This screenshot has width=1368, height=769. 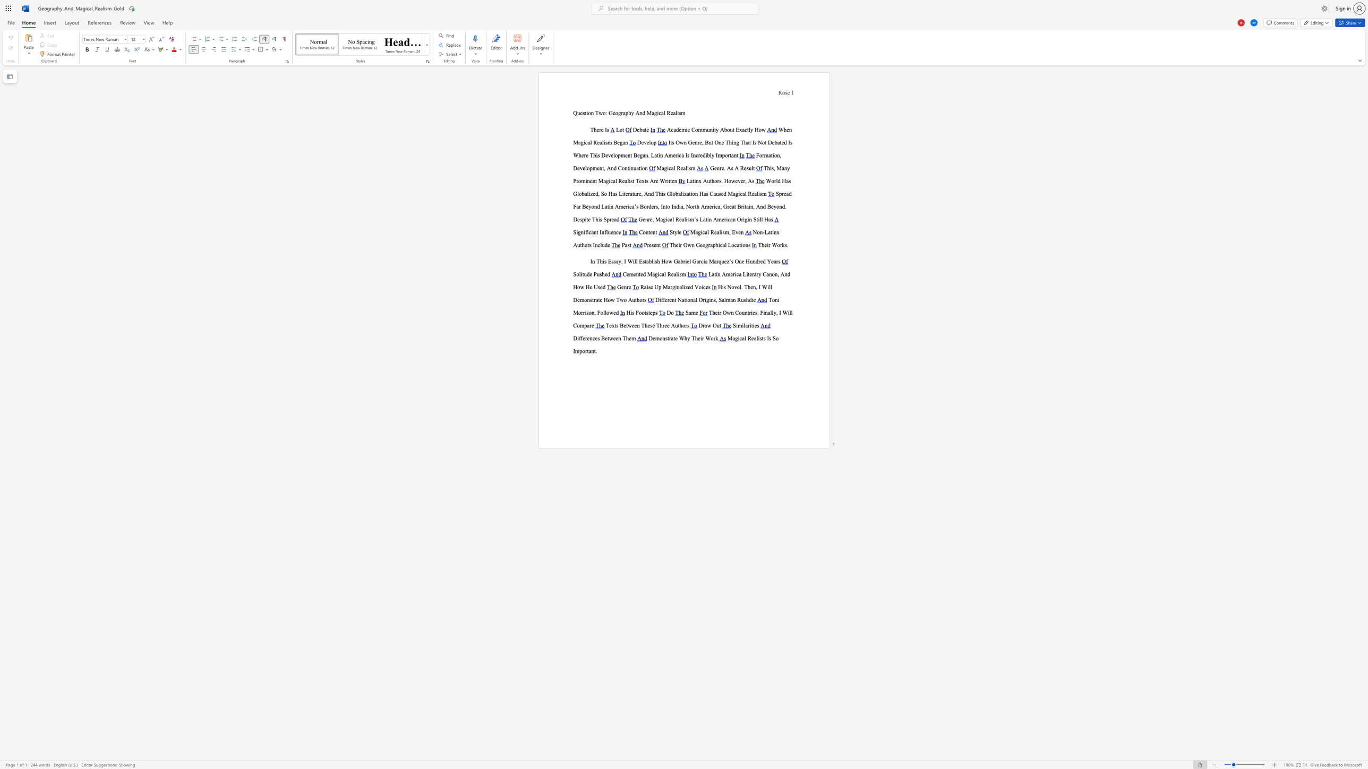 What do you see at coordinates (766, 244) in the screenshot?
I see `the subset text "ir Works" within the text "Their Works."` at bounding box center [766, 244].